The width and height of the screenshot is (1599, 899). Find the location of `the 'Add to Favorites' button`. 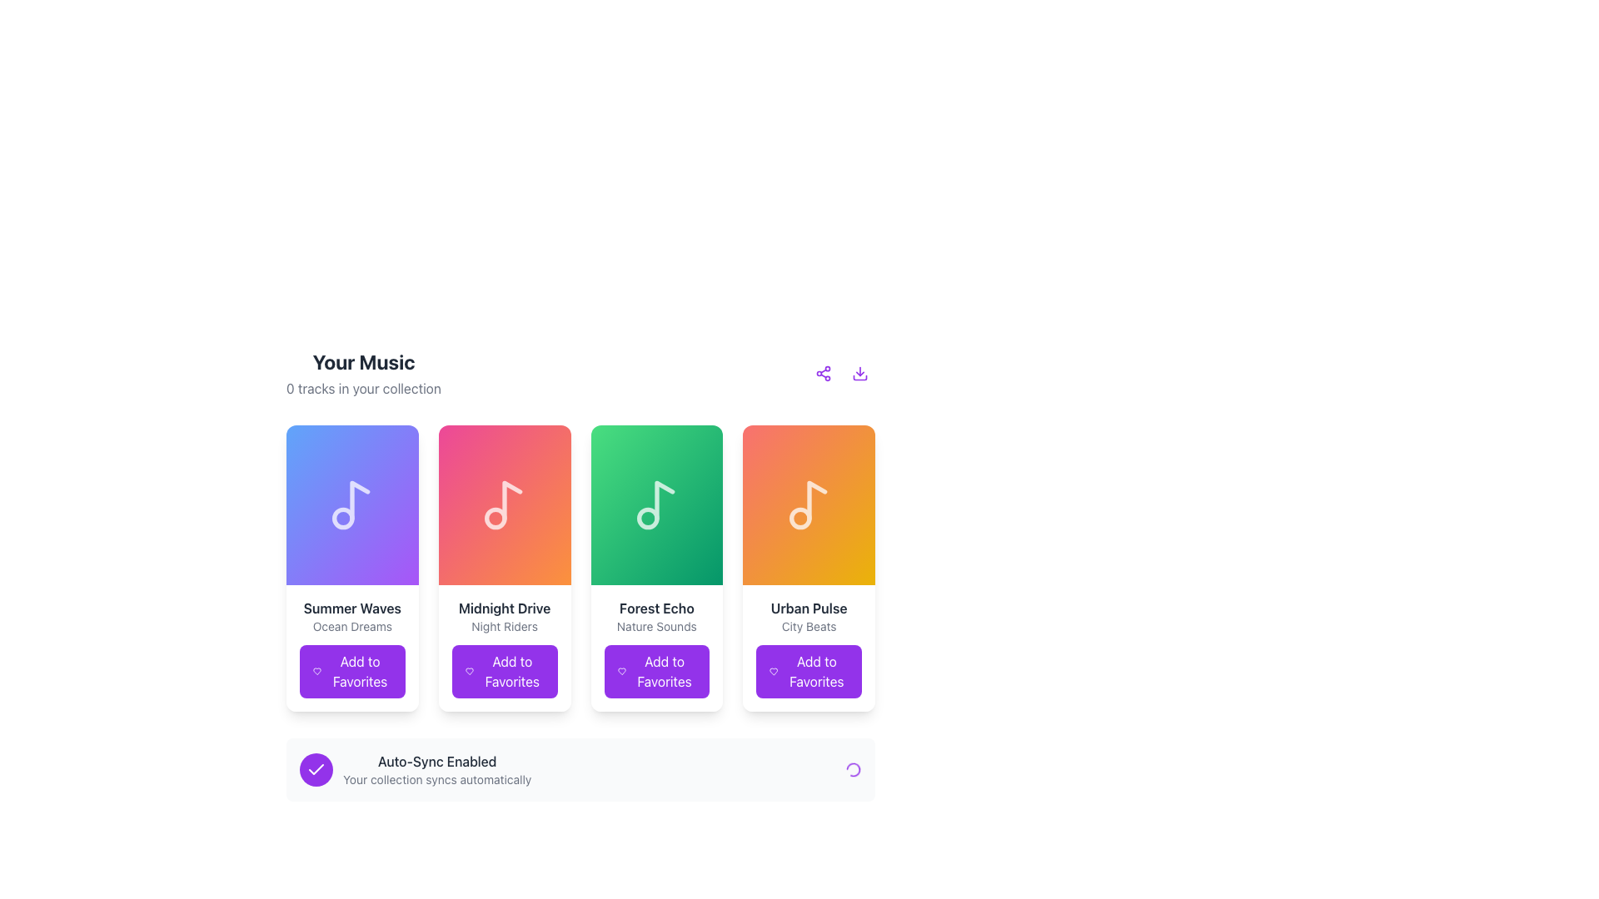

the 'Add to Favorites' button is located at coordinates (351, 648).